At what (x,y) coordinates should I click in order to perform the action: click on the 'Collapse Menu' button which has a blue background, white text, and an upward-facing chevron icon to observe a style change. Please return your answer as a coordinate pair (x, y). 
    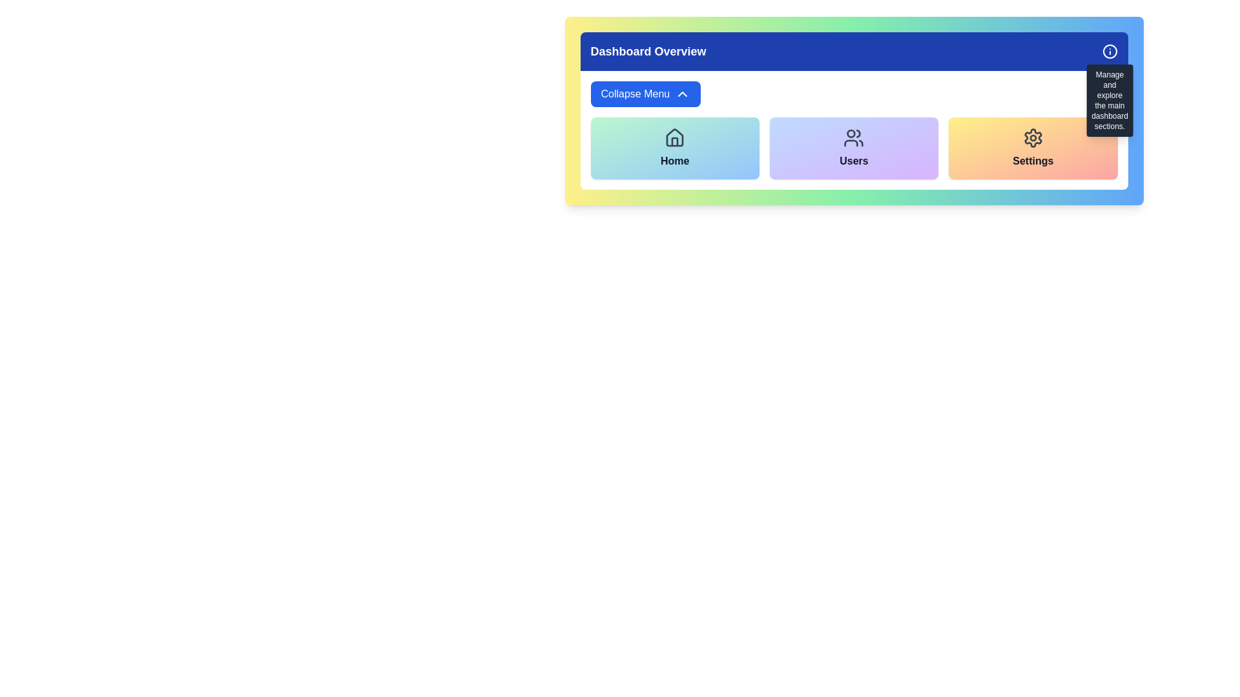
    Looking at the image, I should click on (645, 94).